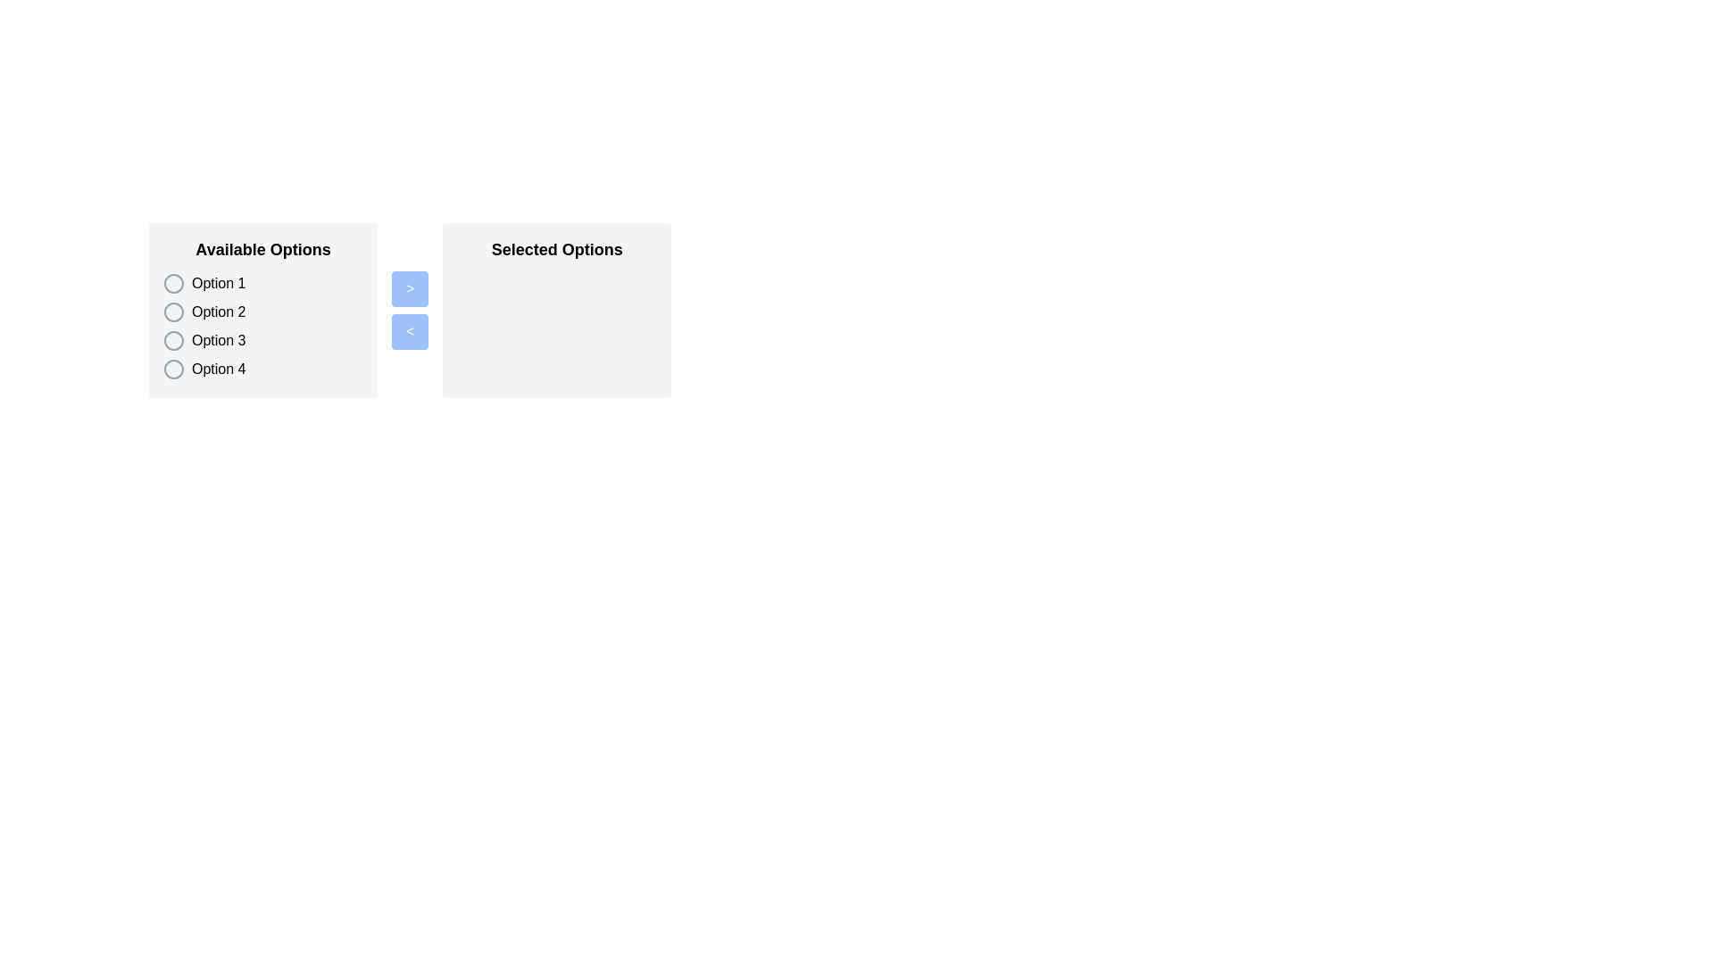 This screenshot has height=964, width=1714. I want to click on the selected radio button for 'Option 2' located in the 'Available Options' section, which is the second radio button in a vertical list, so click(174, 312).